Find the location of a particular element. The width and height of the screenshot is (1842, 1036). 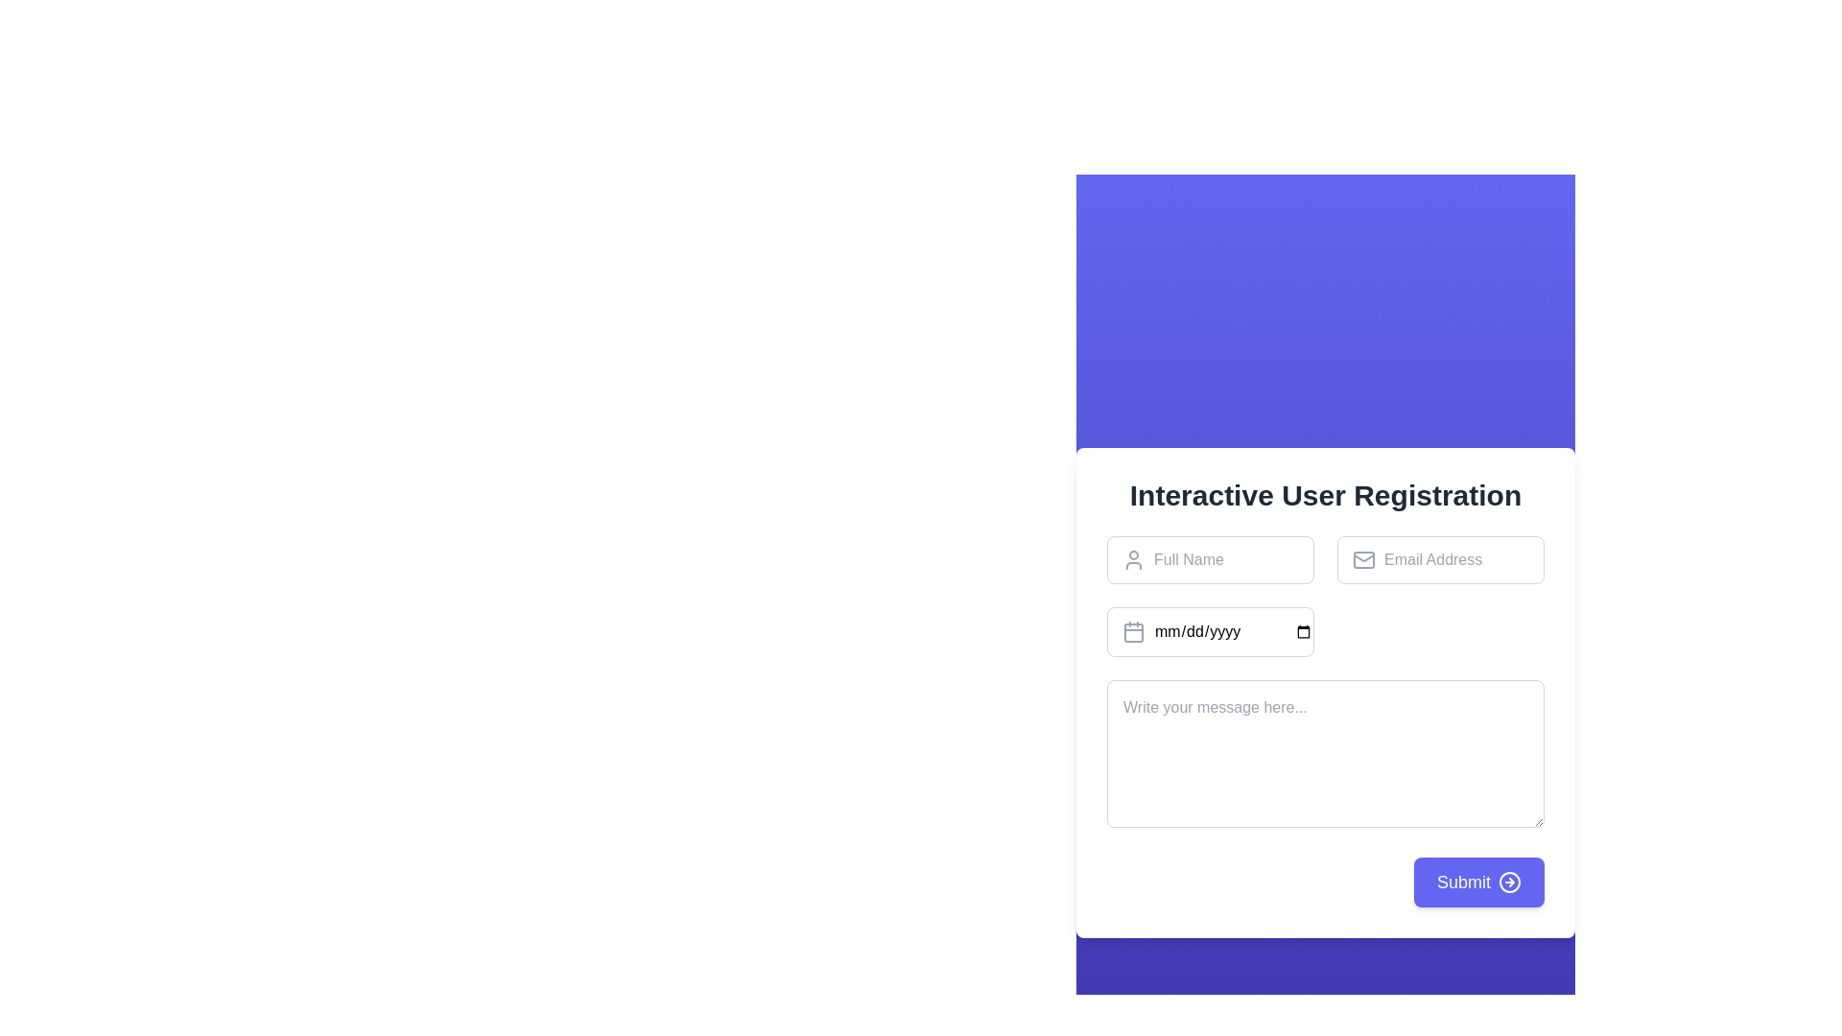

the user profile icon, which is a circular avatar styled in gray outline, positioned to the left of the 'Full Name' text input field is located at coordinates (1133, 559).